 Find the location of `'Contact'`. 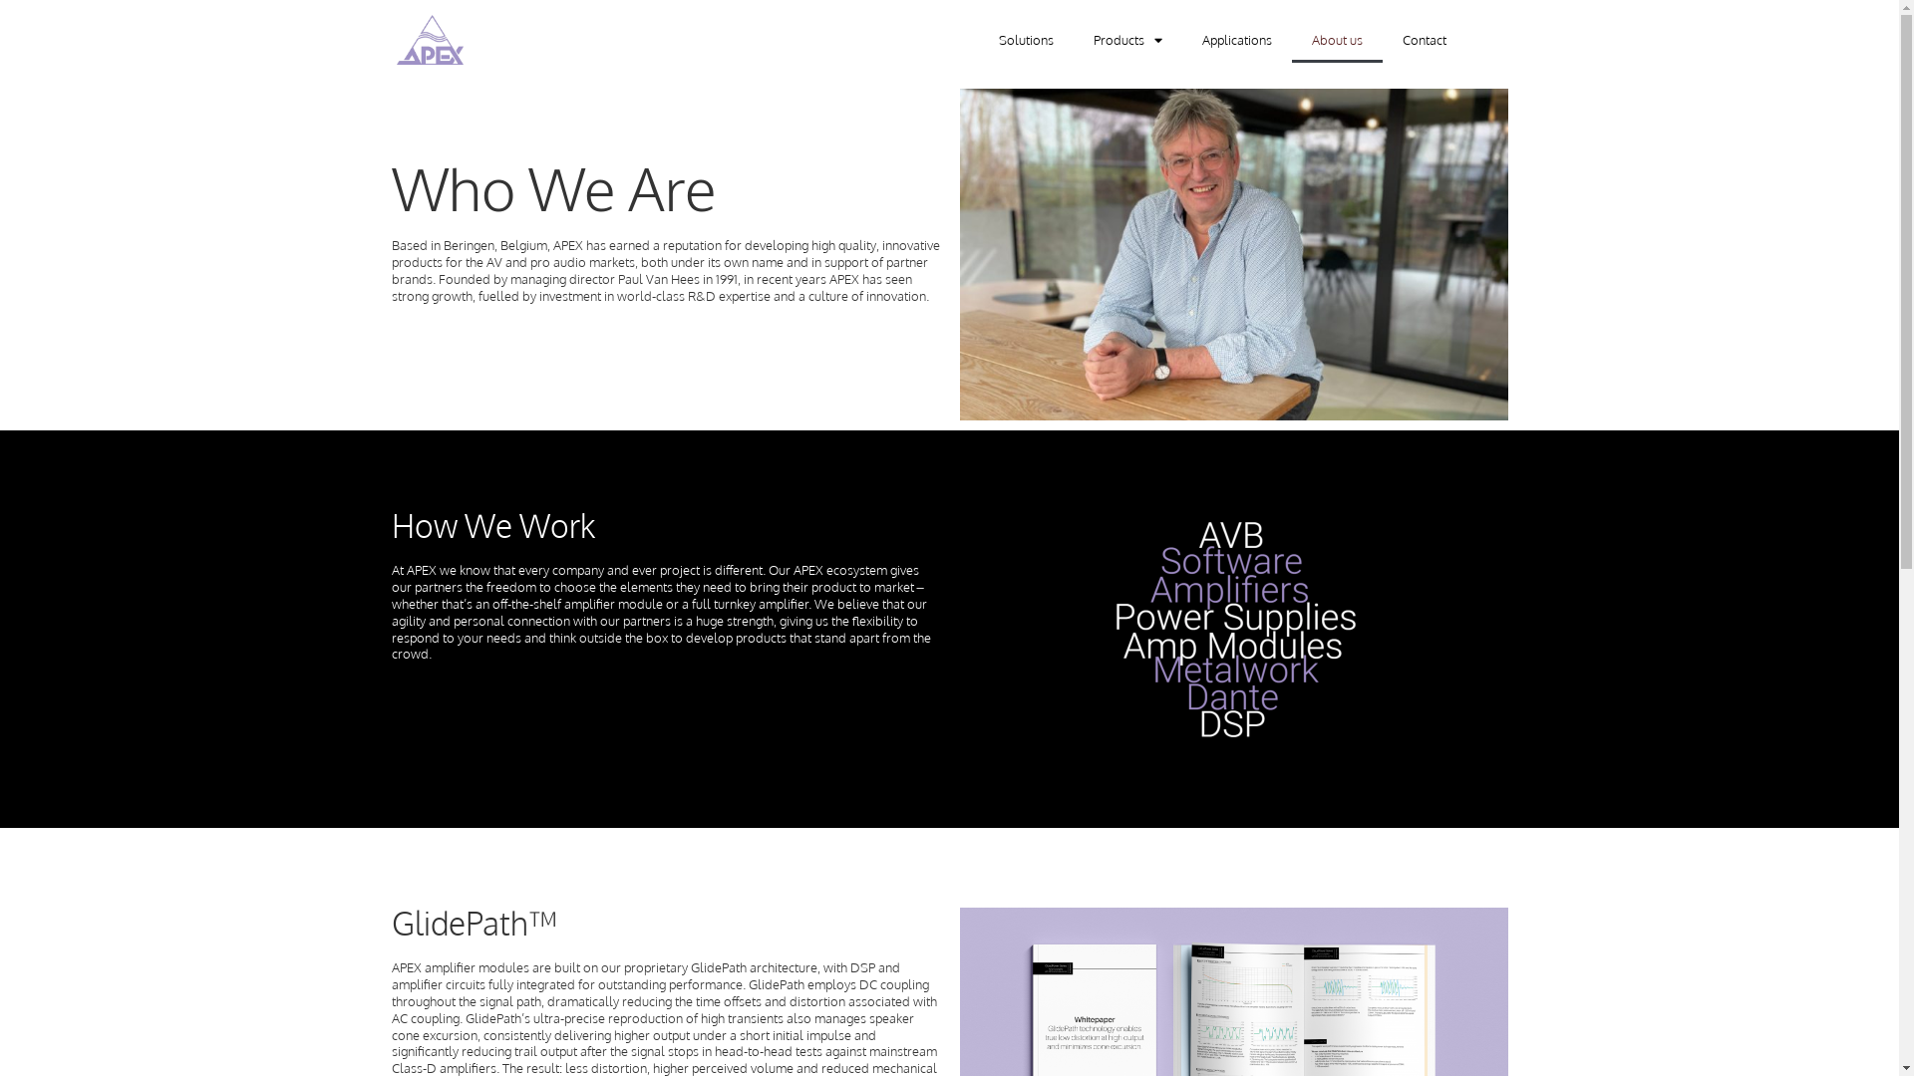

'Contact' is located at coordinates (1423, 39).